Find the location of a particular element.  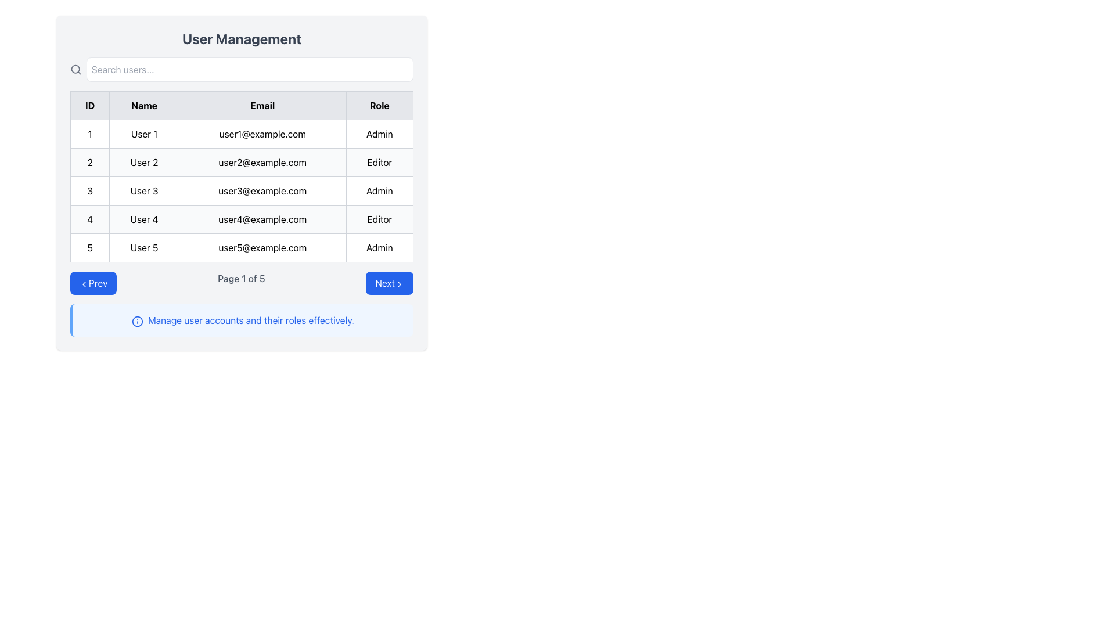

the static text cell displaying the role assigned to 'User 4' in the user management table, located in the fourth row and last column of the table is located at coordinates (379, 219).